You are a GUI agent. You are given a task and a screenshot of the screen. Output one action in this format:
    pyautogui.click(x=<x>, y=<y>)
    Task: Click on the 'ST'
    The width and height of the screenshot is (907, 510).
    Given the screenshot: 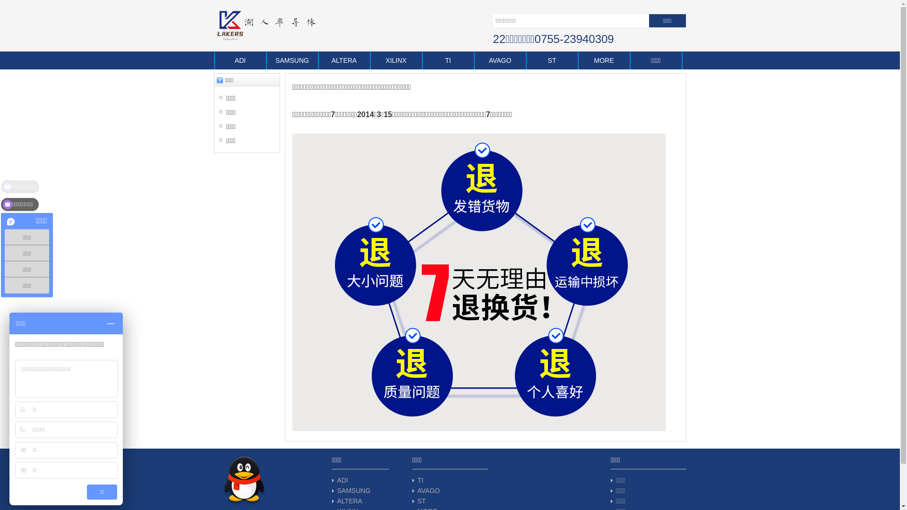 What is the action you would take?
    pyautogui.click(x=421, y=500)
    